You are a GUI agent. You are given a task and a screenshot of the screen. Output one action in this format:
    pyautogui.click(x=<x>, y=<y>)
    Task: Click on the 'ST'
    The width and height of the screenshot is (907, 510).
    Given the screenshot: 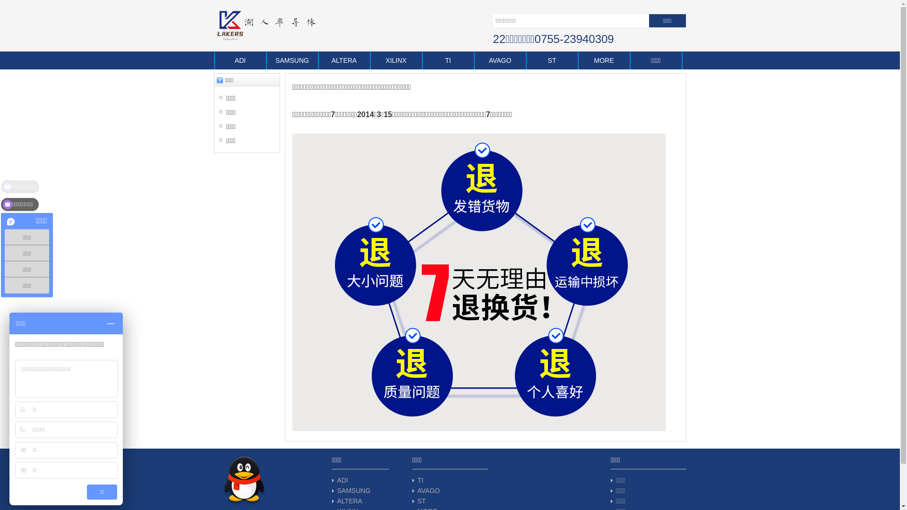 What is the action you would take?
    pyautogui.click(x=421, y=500)
    